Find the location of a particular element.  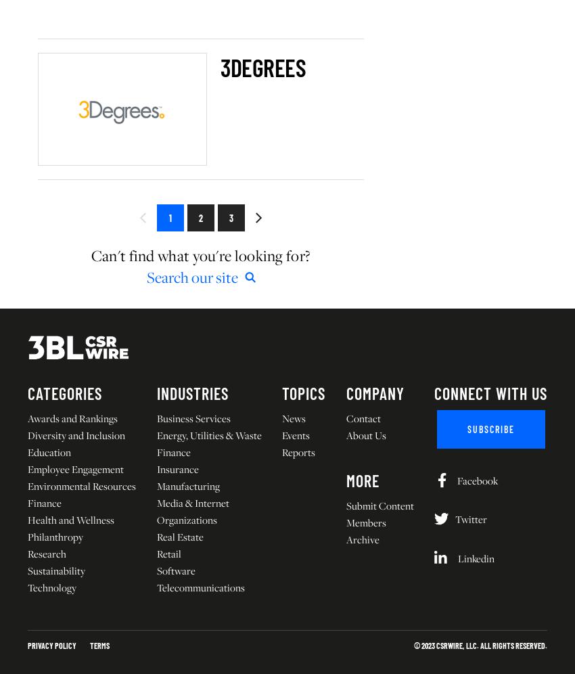

'Telecommunications' is located at coordinates (199, 587).